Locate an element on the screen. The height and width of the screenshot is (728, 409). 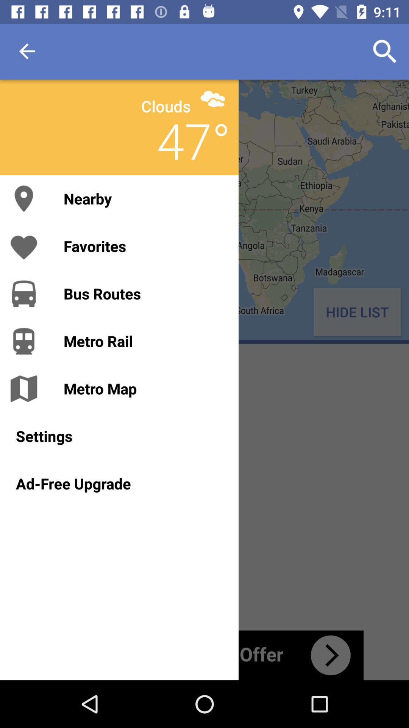
the item above the nearby icon is located at coordinates (193, 140).